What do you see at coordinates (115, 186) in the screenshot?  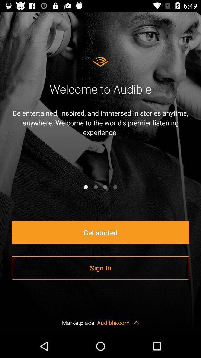 I see `the avatar icon` at bounding box center [115, 186].